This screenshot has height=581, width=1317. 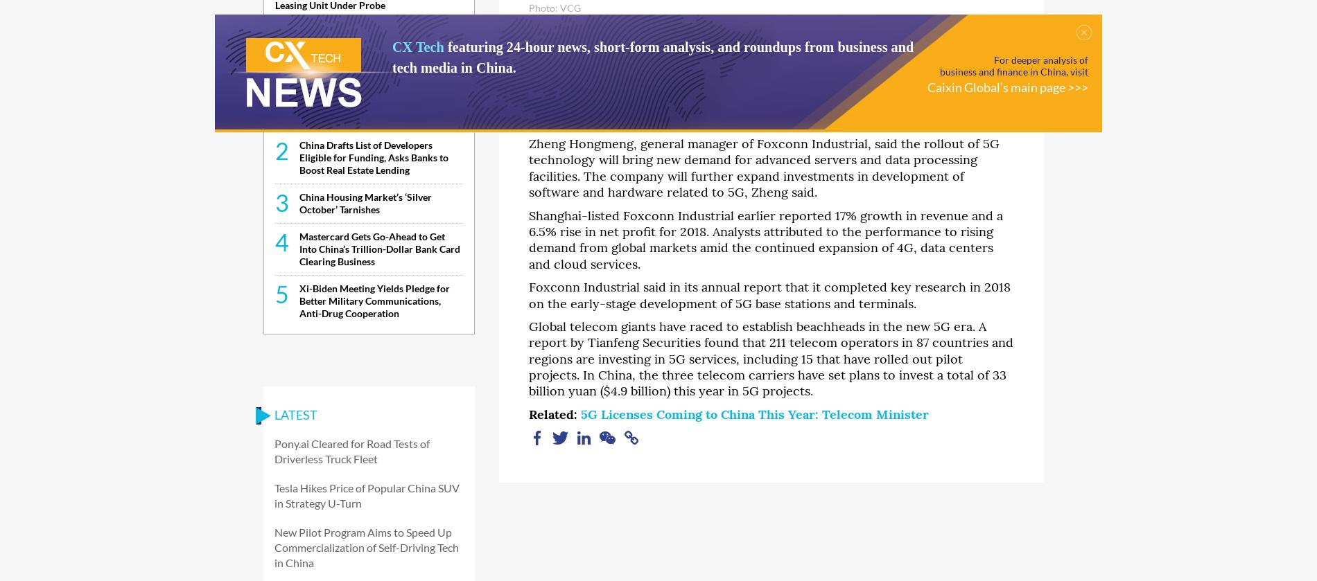 What do you see at coordinates (1040, 60) in the screenshot?
I see `'For deeper analysis of'` at bounding box center [1040, 60].